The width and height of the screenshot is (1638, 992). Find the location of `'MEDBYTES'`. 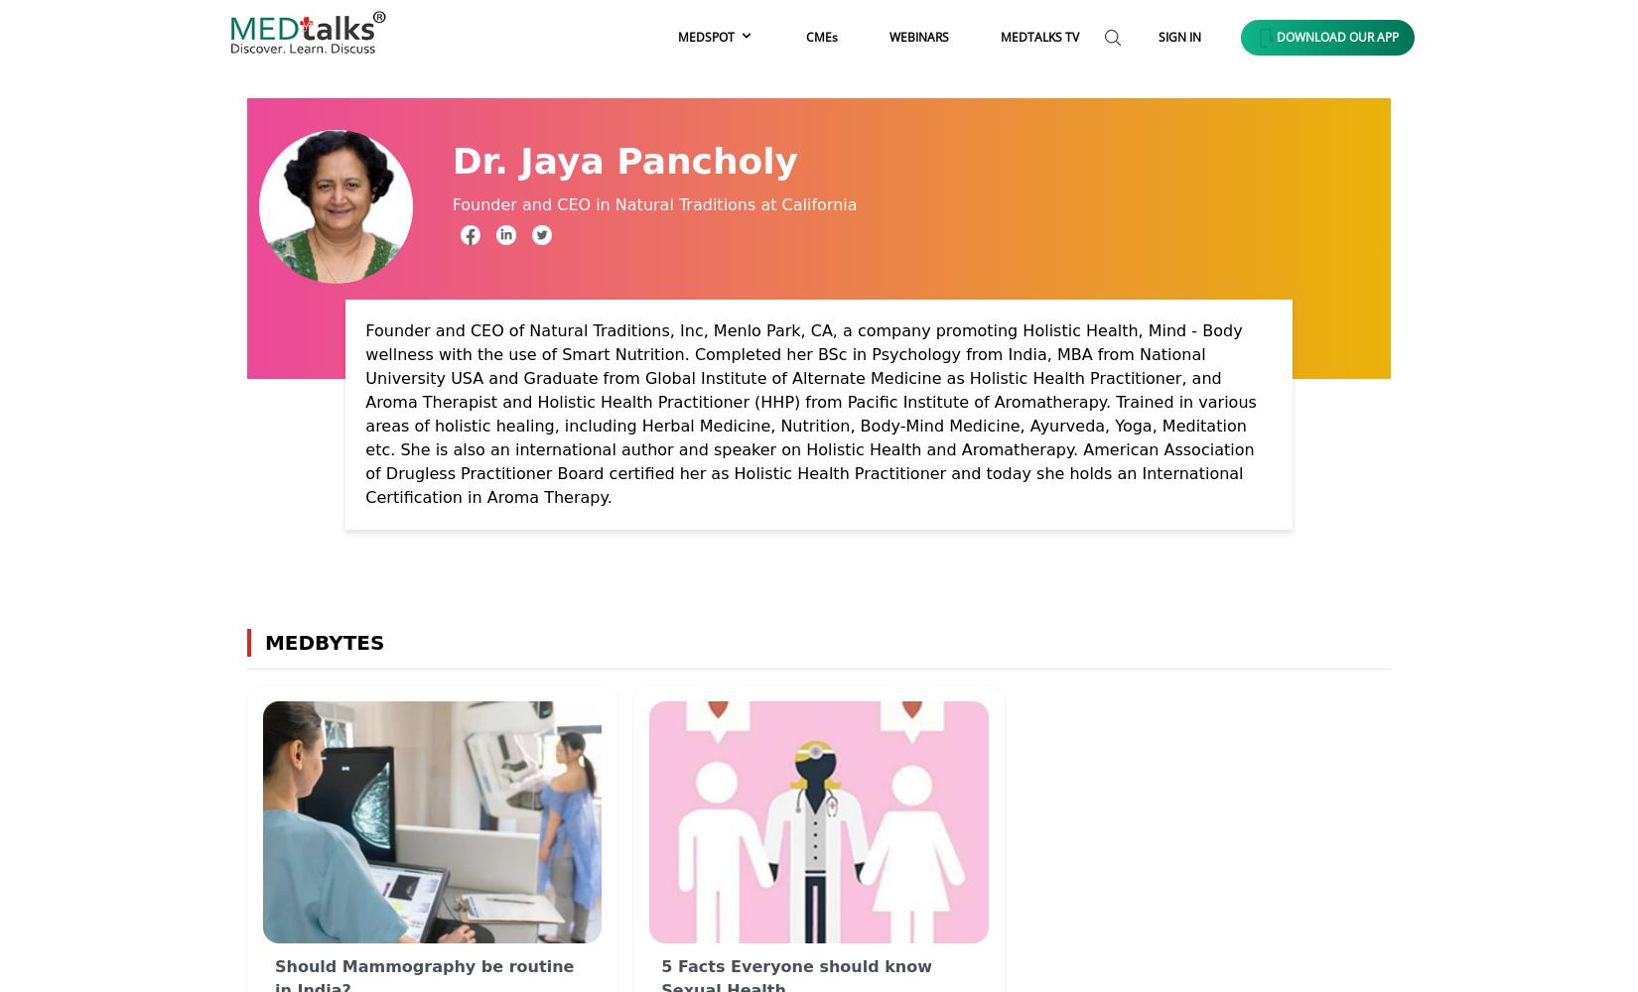

'MEDBYTES' is located at coordinates (317, 642).